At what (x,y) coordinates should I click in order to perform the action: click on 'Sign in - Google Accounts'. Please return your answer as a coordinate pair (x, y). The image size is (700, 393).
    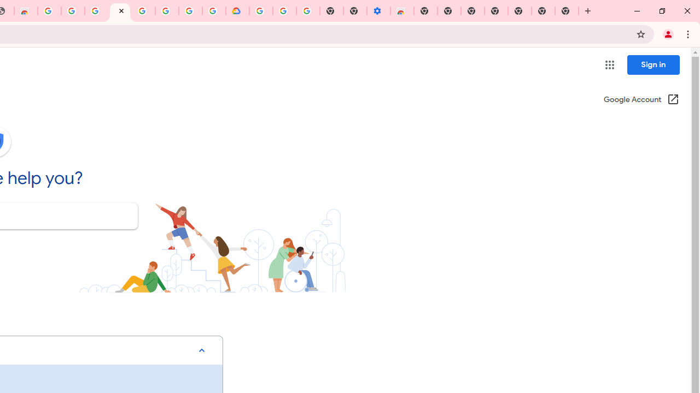
    Looking at the image, I should click on (96, 11).